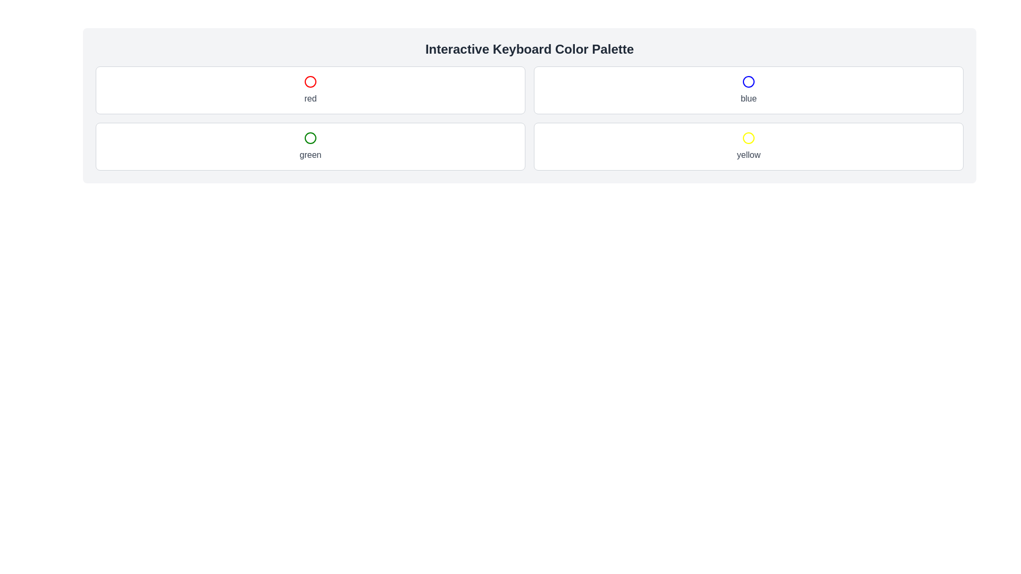 This screenshot has width=1021, height=574. Describe the element at coordinates (748, 137) in the screenshot. I see `the yellow circular decorative icon positioned above the label 'yellow' in the bottom-right quadrant of the grid layout` at that location.